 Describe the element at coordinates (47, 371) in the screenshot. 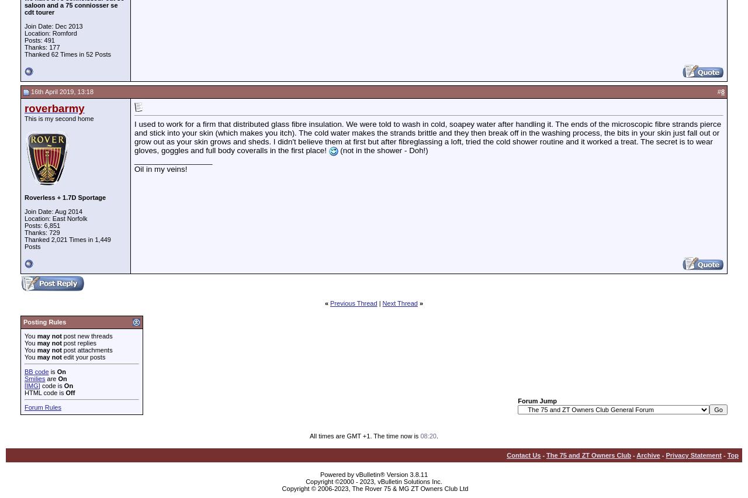

I see `'is'` at that location.